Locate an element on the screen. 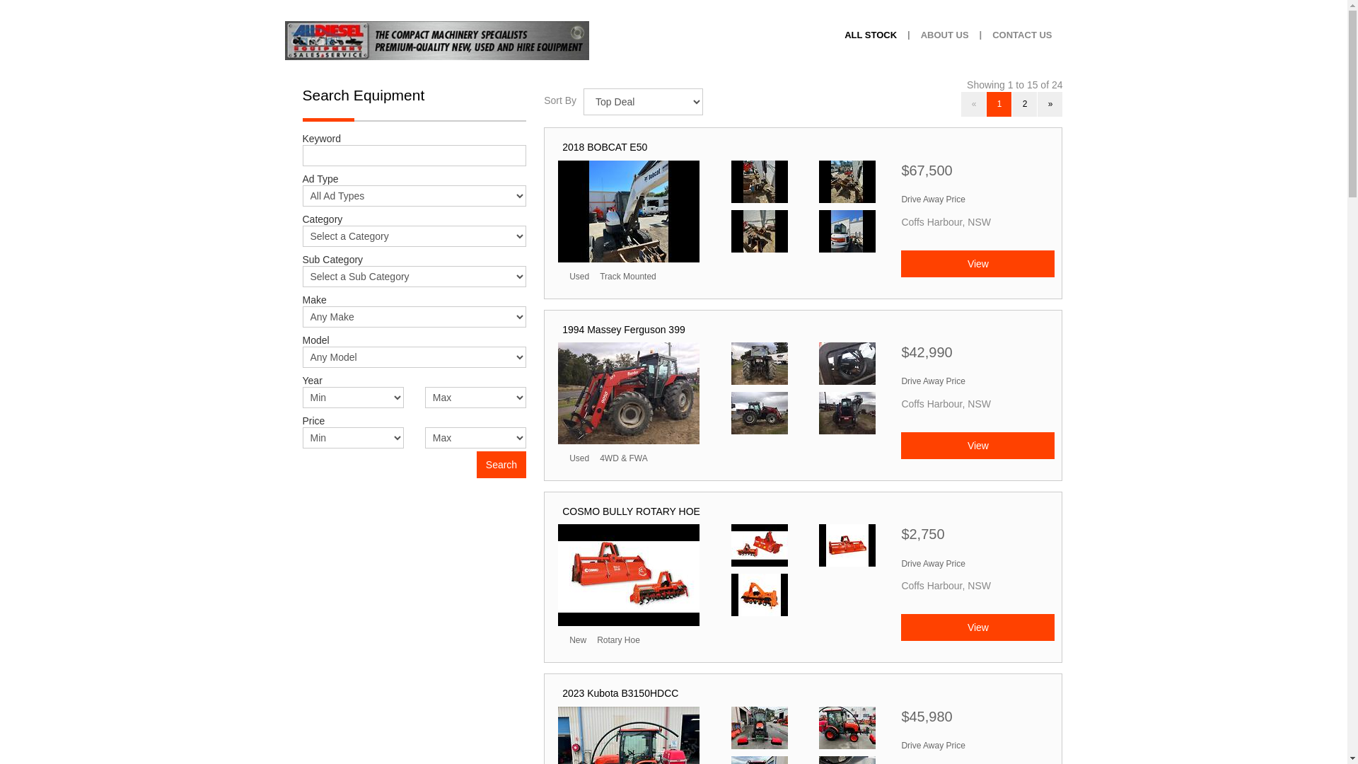 This screenshot has width=1358, height=764. '2' is located at coordinates (1024, 103).